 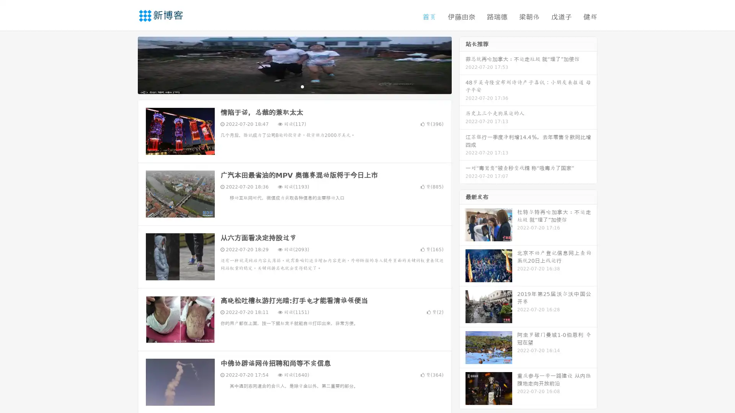 What do you see at coordinates (462, 64) in the screenshot?
I see `Next slide` at bounding box center [462, 64].